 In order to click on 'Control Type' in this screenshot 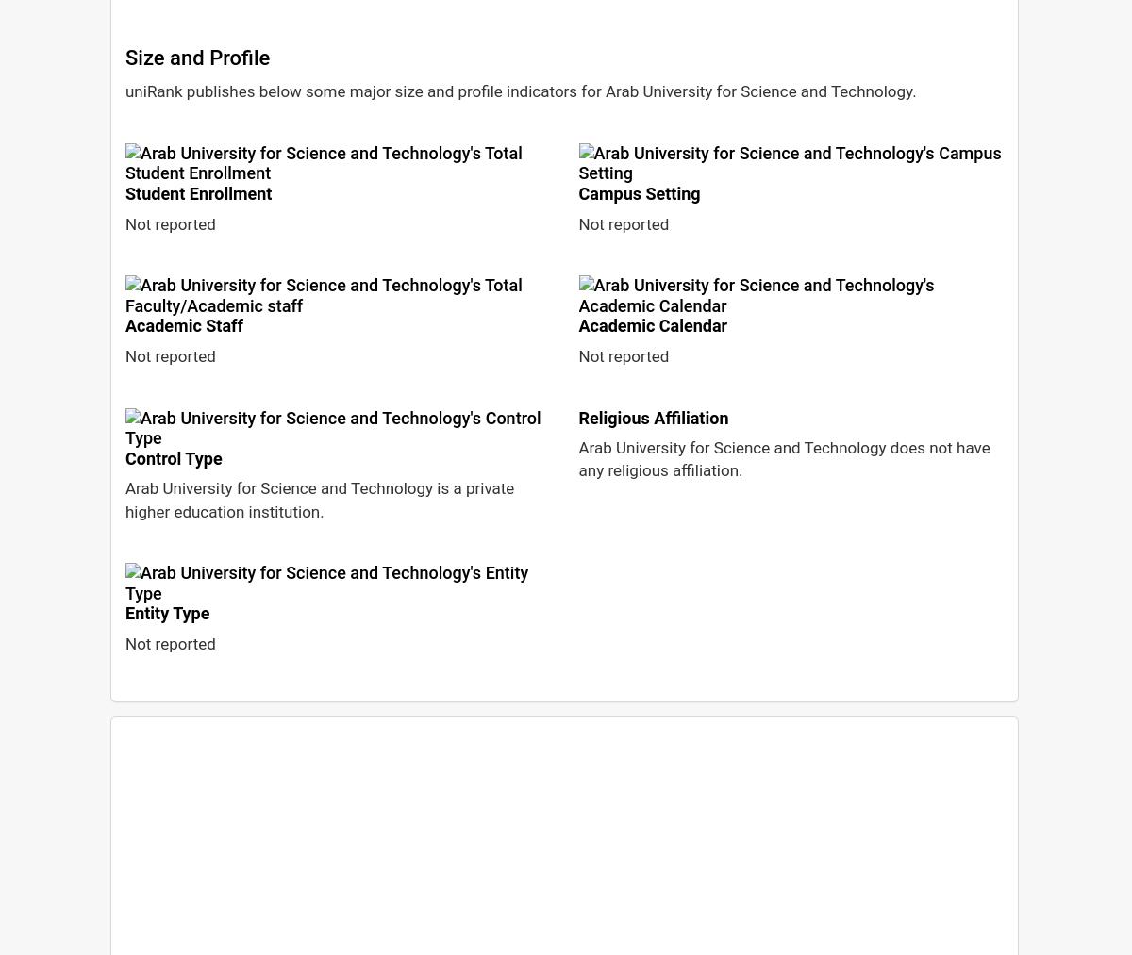, I will do `click(172, 456)`.